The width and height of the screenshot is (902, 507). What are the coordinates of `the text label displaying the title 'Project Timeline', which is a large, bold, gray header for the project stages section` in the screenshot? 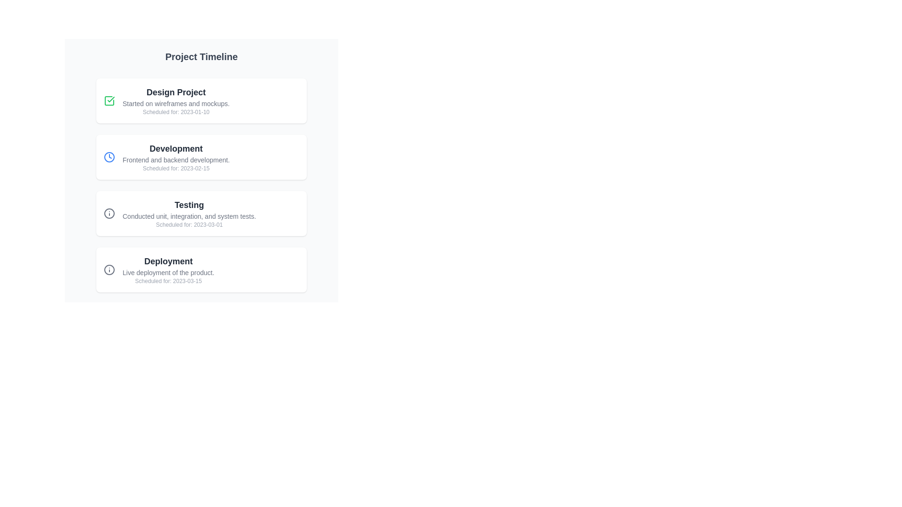 It's located at (201, 56).